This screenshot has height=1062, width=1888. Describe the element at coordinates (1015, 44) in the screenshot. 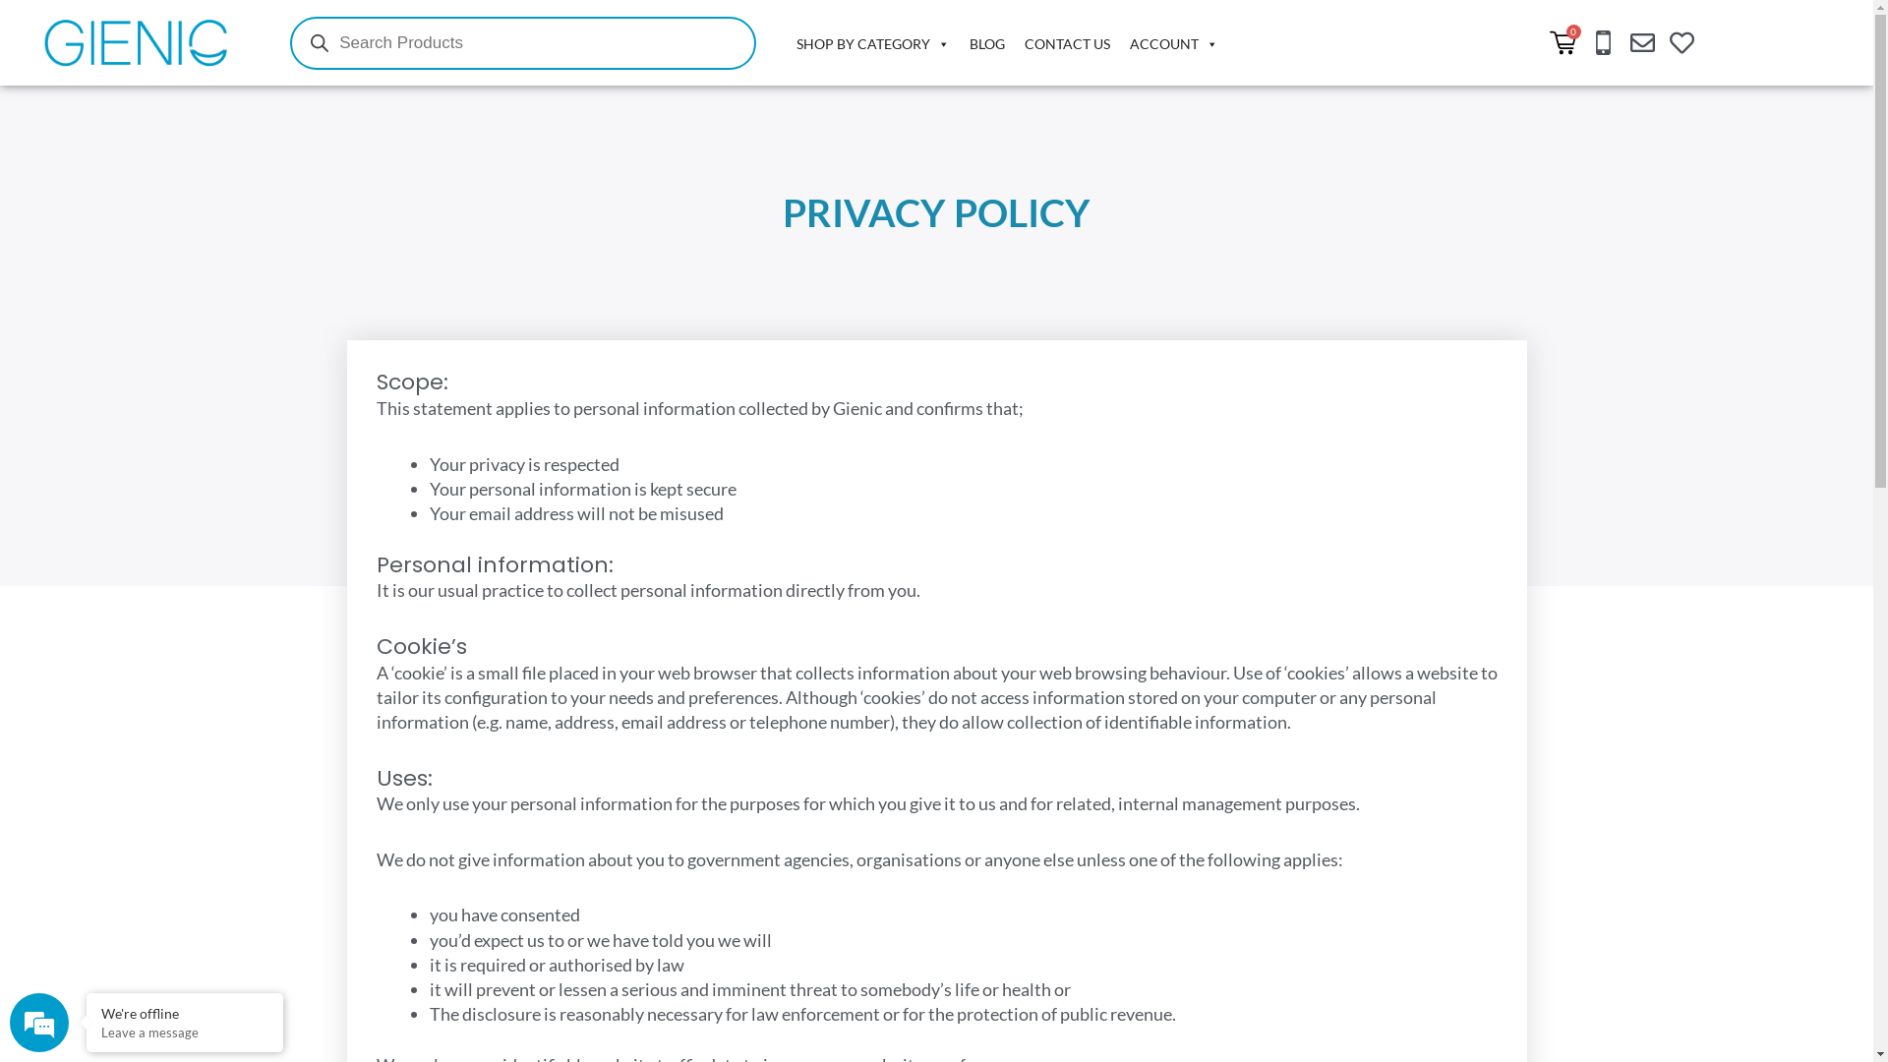

I see `'CONTACT US'` at that location.